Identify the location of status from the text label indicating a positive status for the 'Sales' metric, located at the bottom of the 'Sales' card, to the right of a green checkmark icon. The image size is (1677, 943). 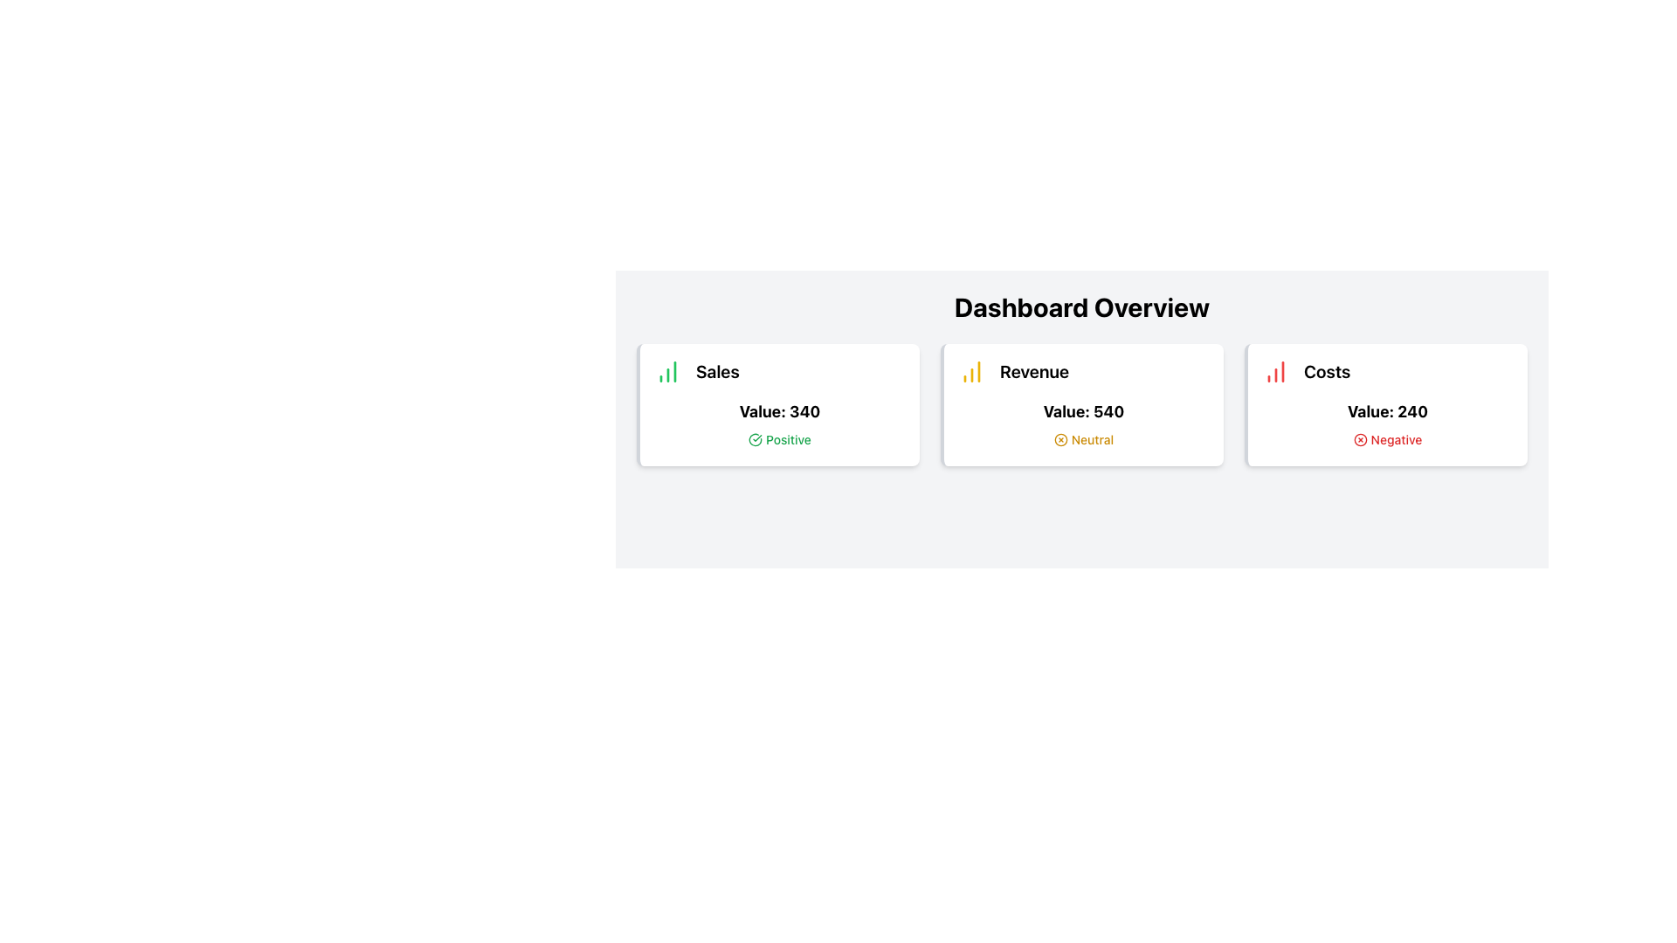
(787, 439).